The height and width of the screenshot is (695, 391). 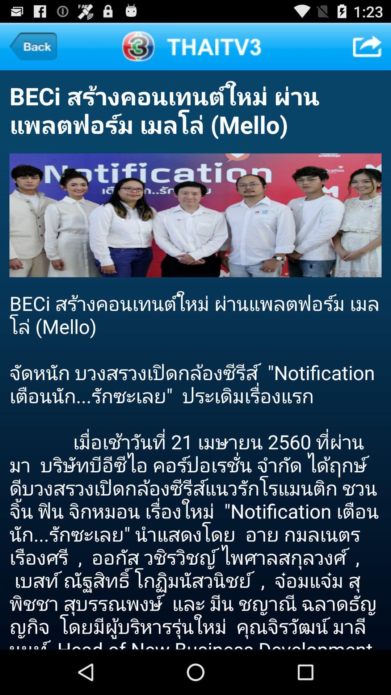 I want to click on item at the top right corner, so click(x=367, y=46).